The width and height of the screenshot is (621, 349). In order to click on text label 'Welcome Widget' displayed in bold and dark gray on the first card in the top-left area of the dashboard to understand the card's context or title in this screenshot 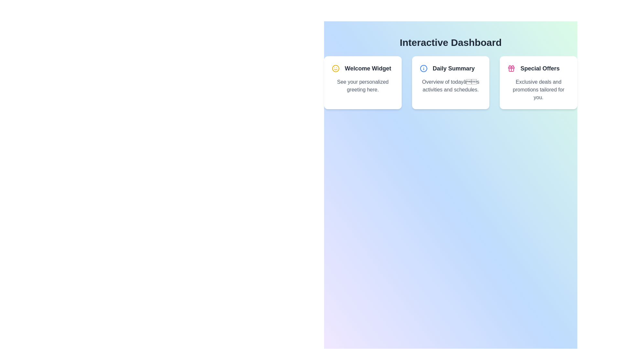, I will do `click(368, 69)`.